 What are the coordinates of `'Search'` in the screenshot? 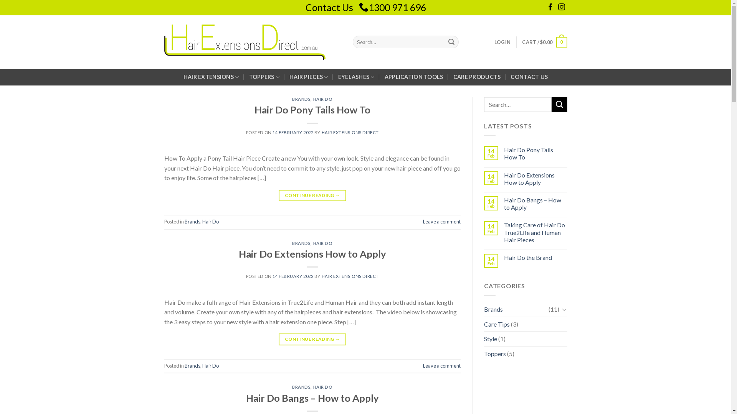 It's located at (451, 42).